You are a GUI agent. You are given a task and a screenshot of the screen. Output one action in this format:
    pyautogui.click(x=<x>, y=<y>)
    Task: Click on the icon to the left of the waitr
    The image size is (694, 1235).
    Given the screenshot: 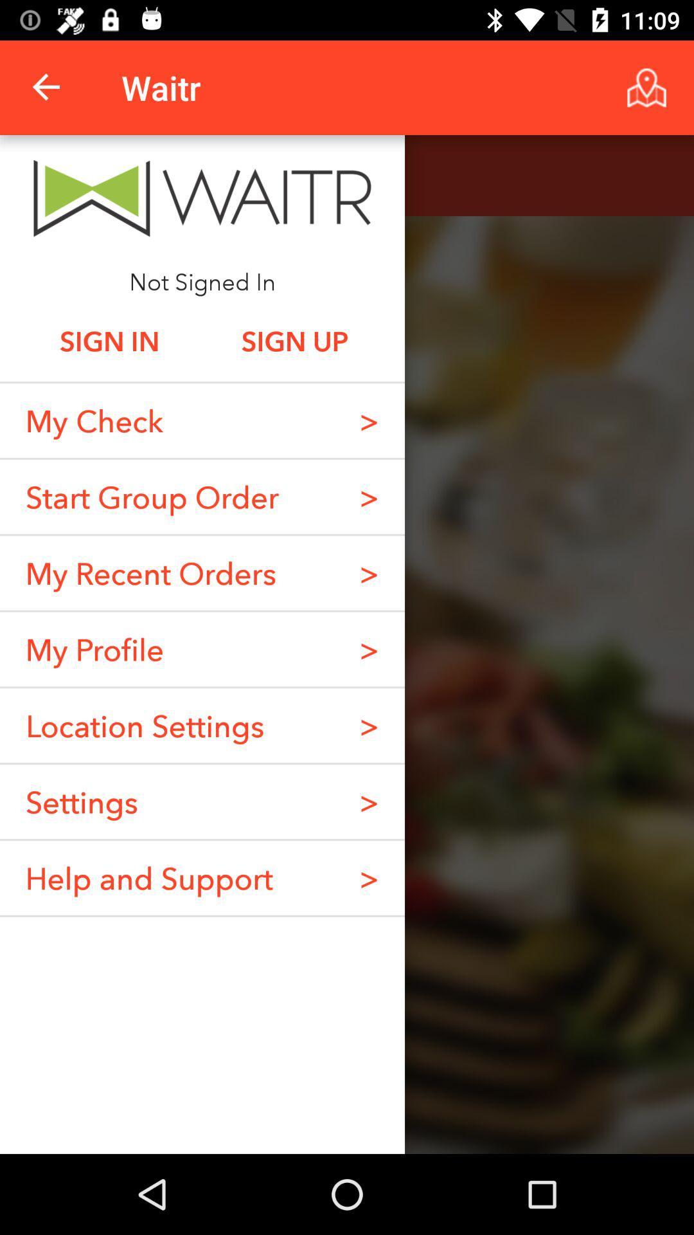 What is the action you would take?
    pyautogui.click(x=46, y=87)
    